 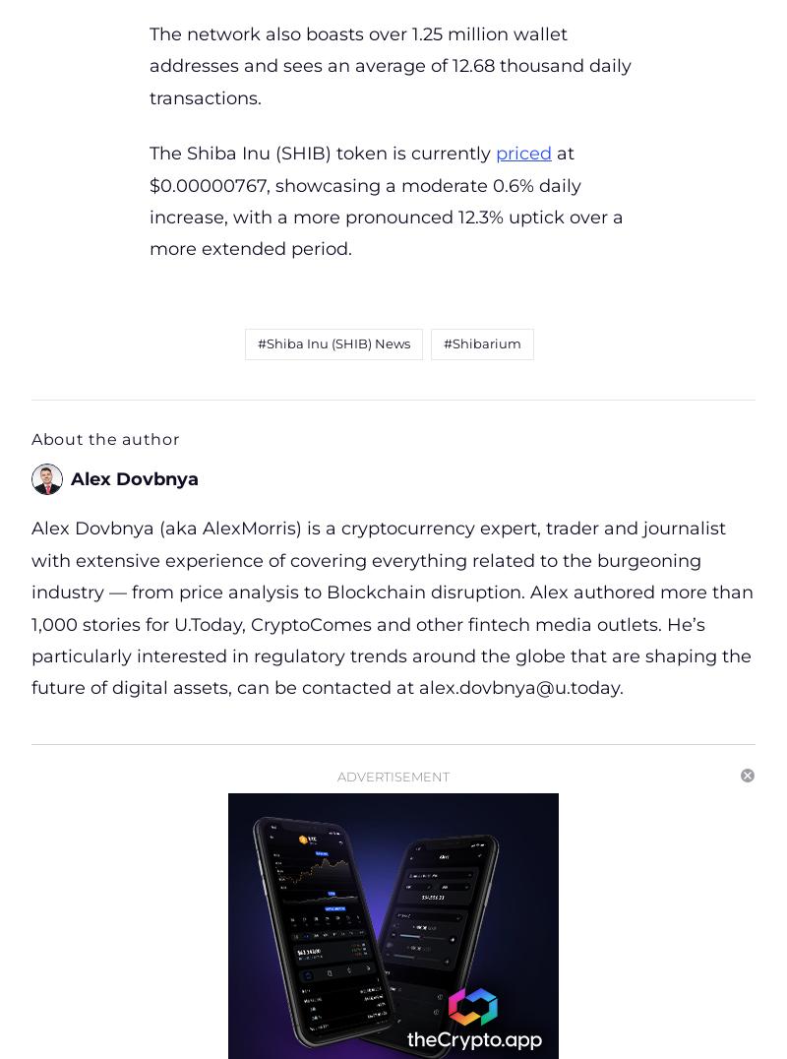 What do you see at coordinates (393, 775) in the screenshot?
I see `'Advertisement'` at bounding box center [393, 775].